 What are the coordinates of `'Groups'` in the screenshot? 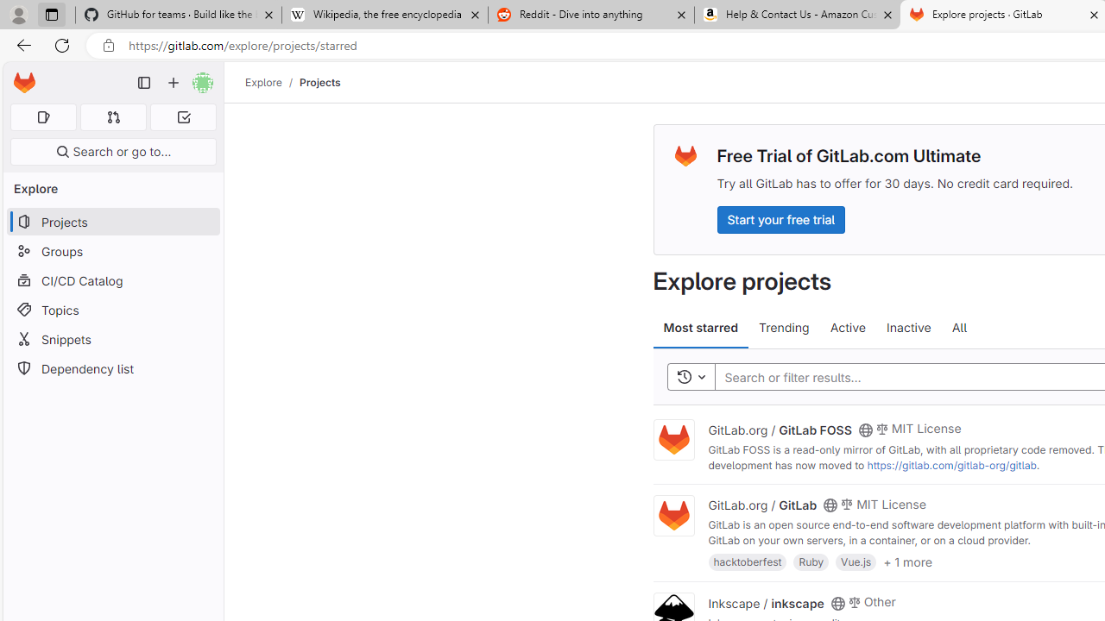 It's located at (112, 251).